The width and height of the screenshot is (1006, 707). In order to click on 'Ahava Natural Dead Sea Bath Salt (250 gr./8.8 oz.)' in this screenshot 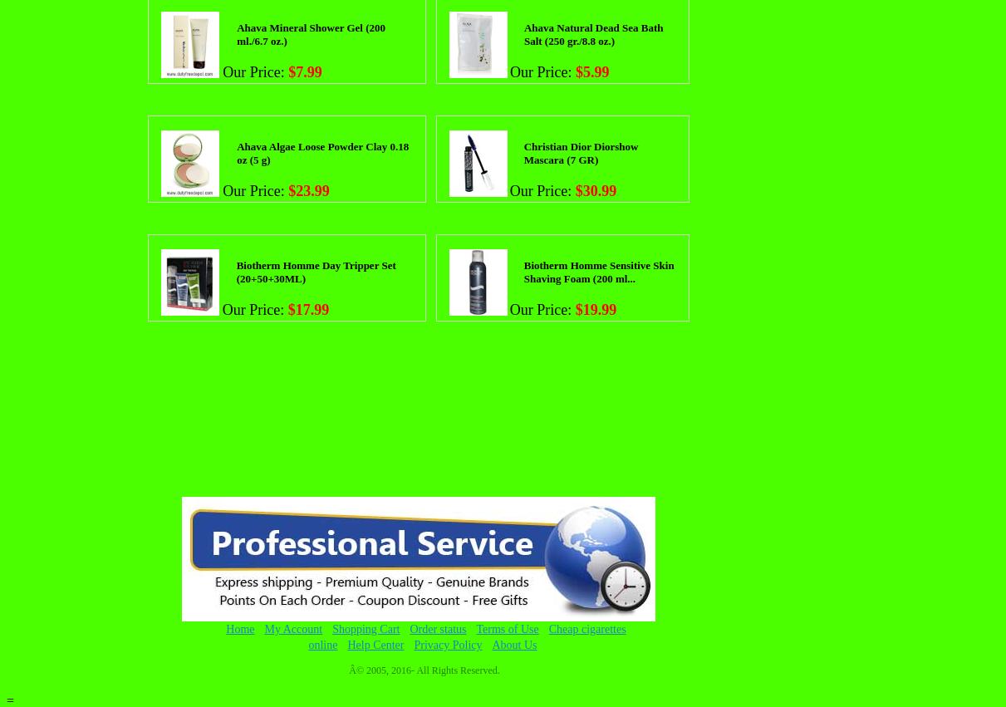, I will do `click(592, 33)`.